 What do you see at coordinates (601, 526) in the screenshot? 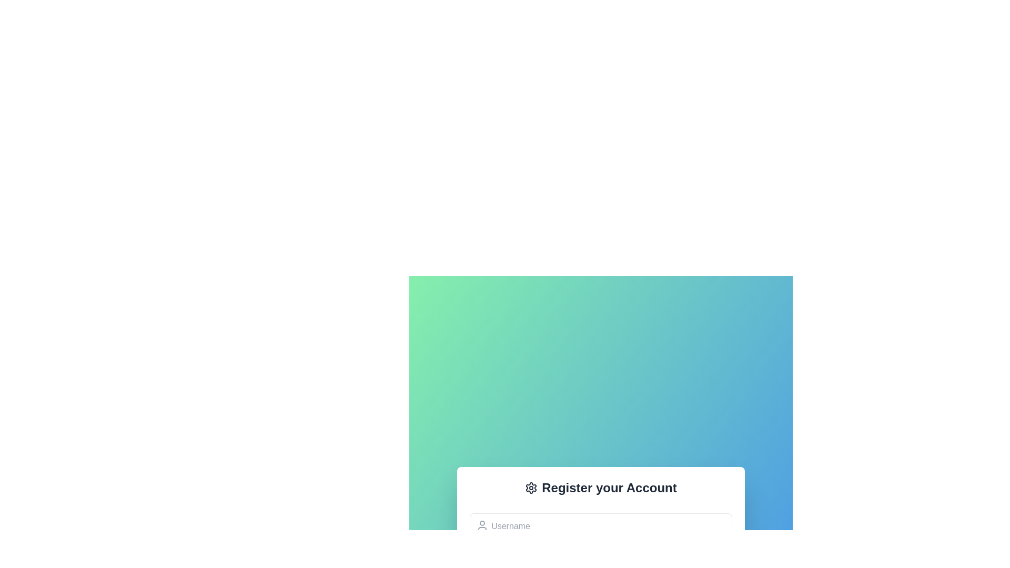
I see `the username input field located in the 'Create Account' section to focus on it` at bounding box center [601, 526].